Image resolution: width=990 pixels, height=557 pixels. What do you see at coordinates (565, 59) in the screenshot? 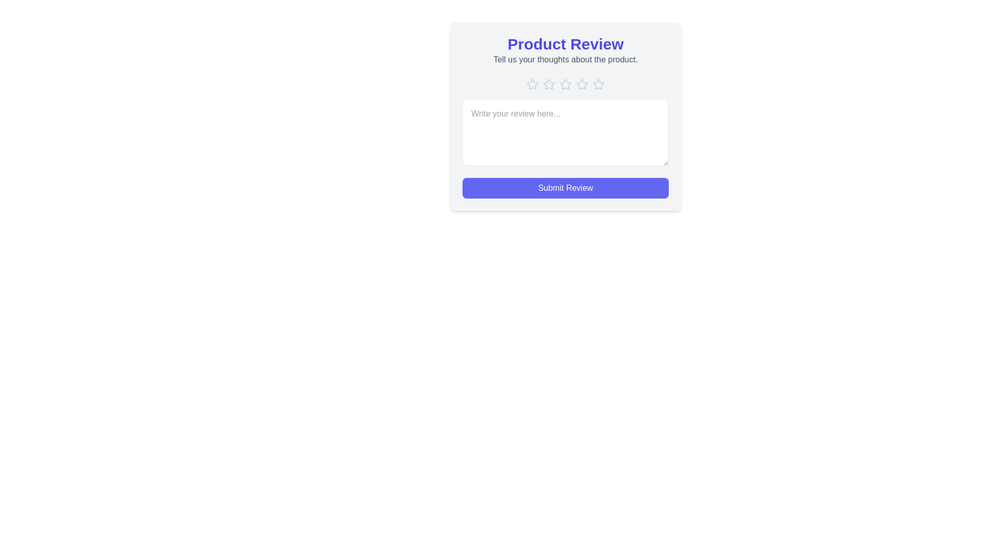
I see `the static text displaying 'Tell us your thoughts about the product.' which is located below the 'Product Review' title` at bounding box center [565, 59].